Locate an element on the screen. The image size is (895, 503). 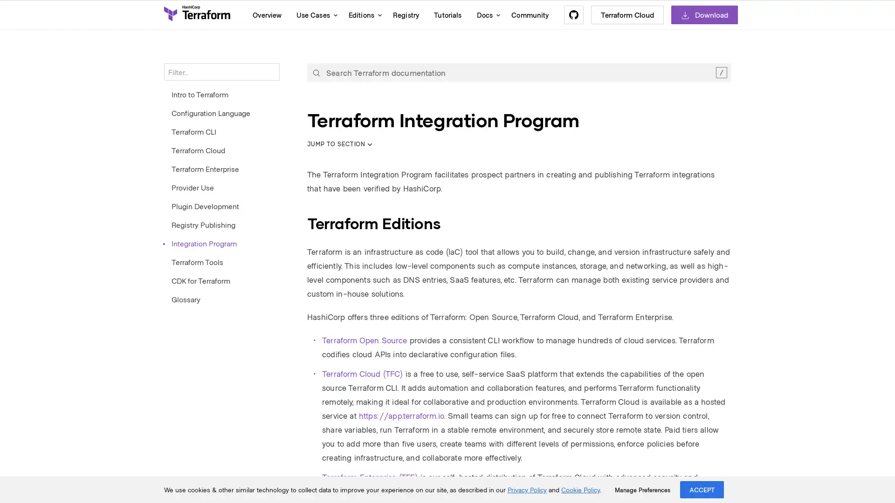
Clear the search query. is located at coordinates (721, 72).